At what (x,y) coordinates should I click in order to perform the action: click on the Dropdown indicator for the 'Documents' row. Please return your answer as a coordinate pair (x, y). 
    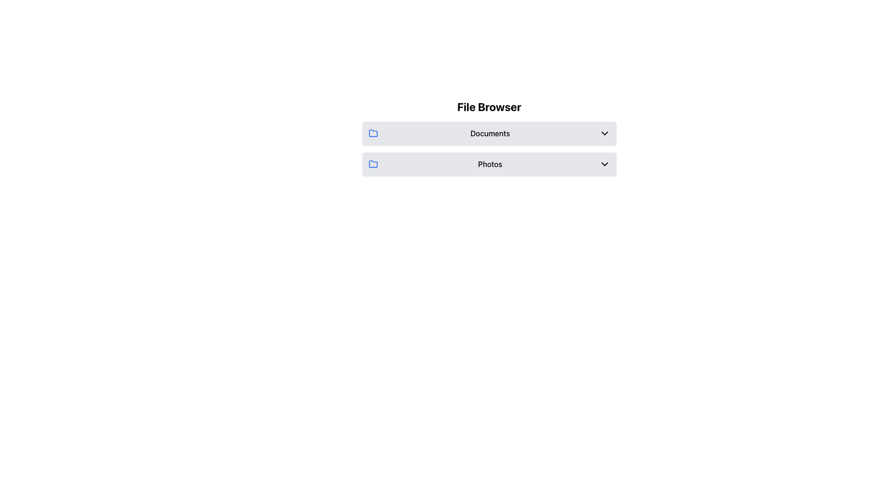
    Looking at the image, I should click on (604, 133).